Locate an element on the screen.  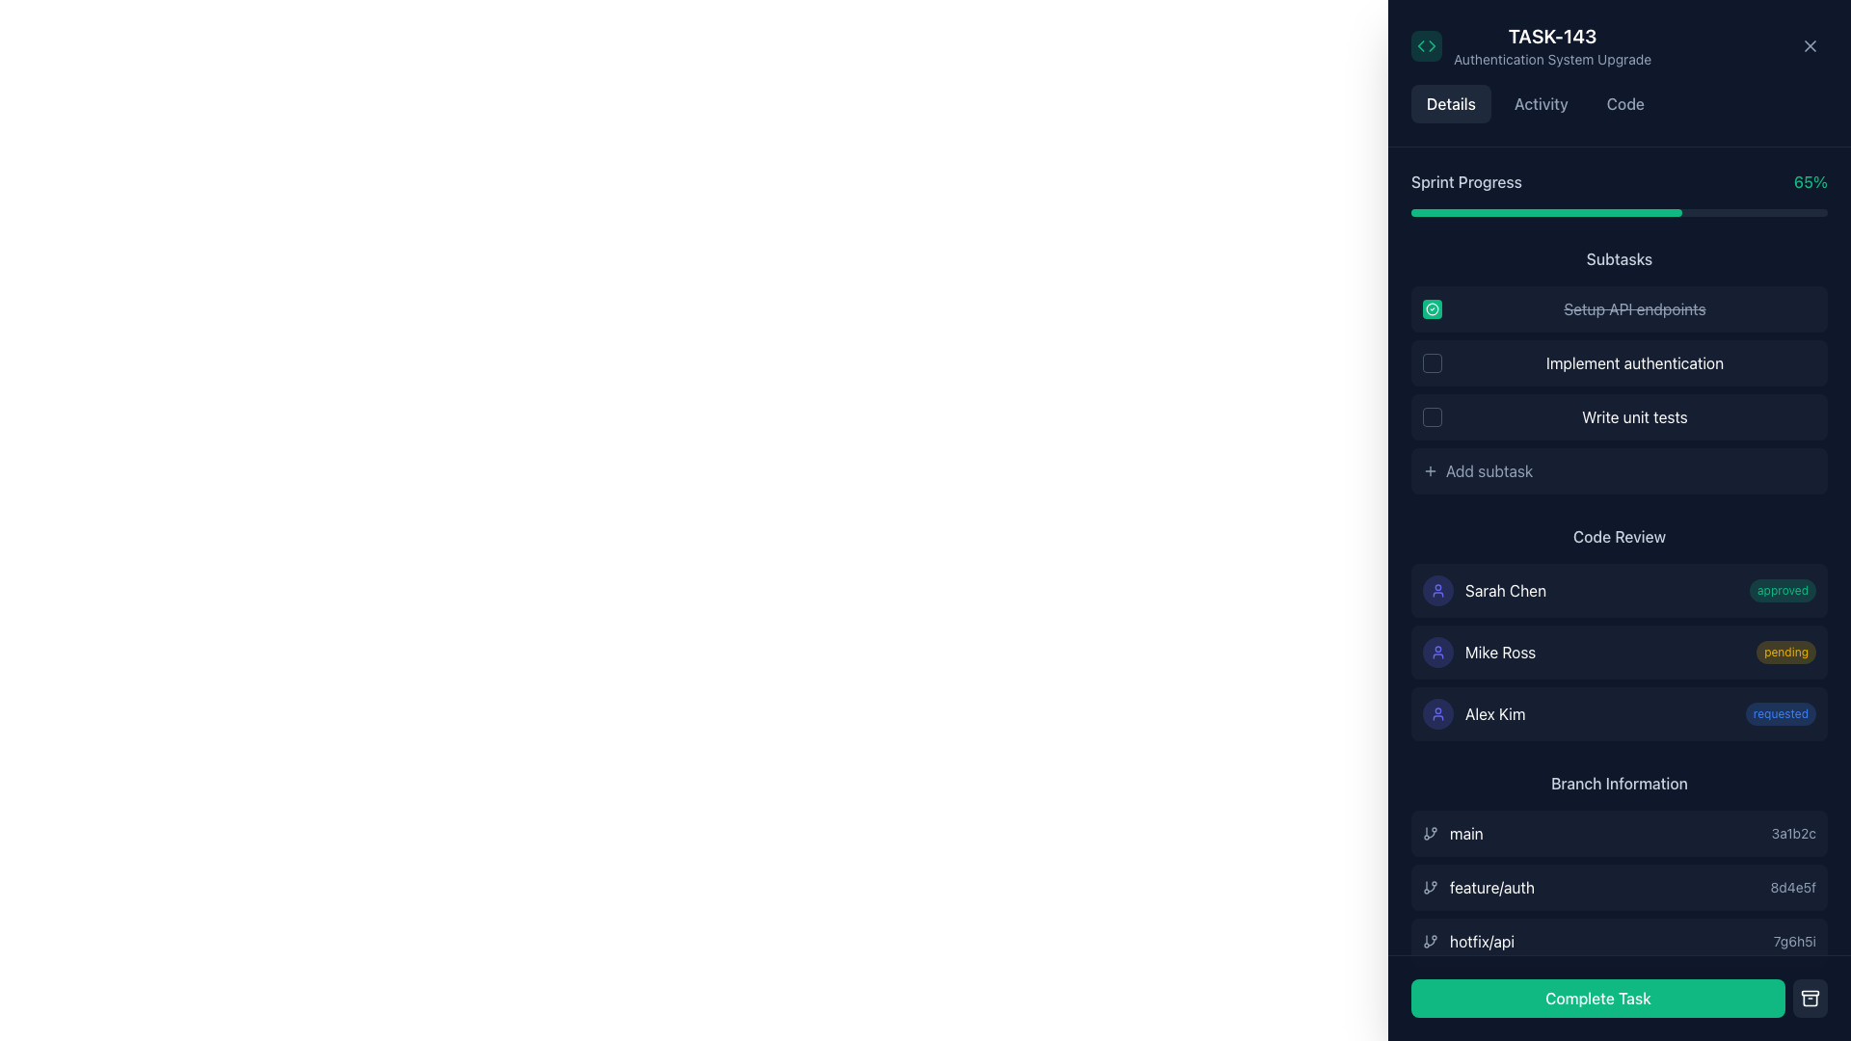
the Composite UI element consisting of a text label and an icon, which serves as the identifier for the current task is located at coordinates (1530, 44).